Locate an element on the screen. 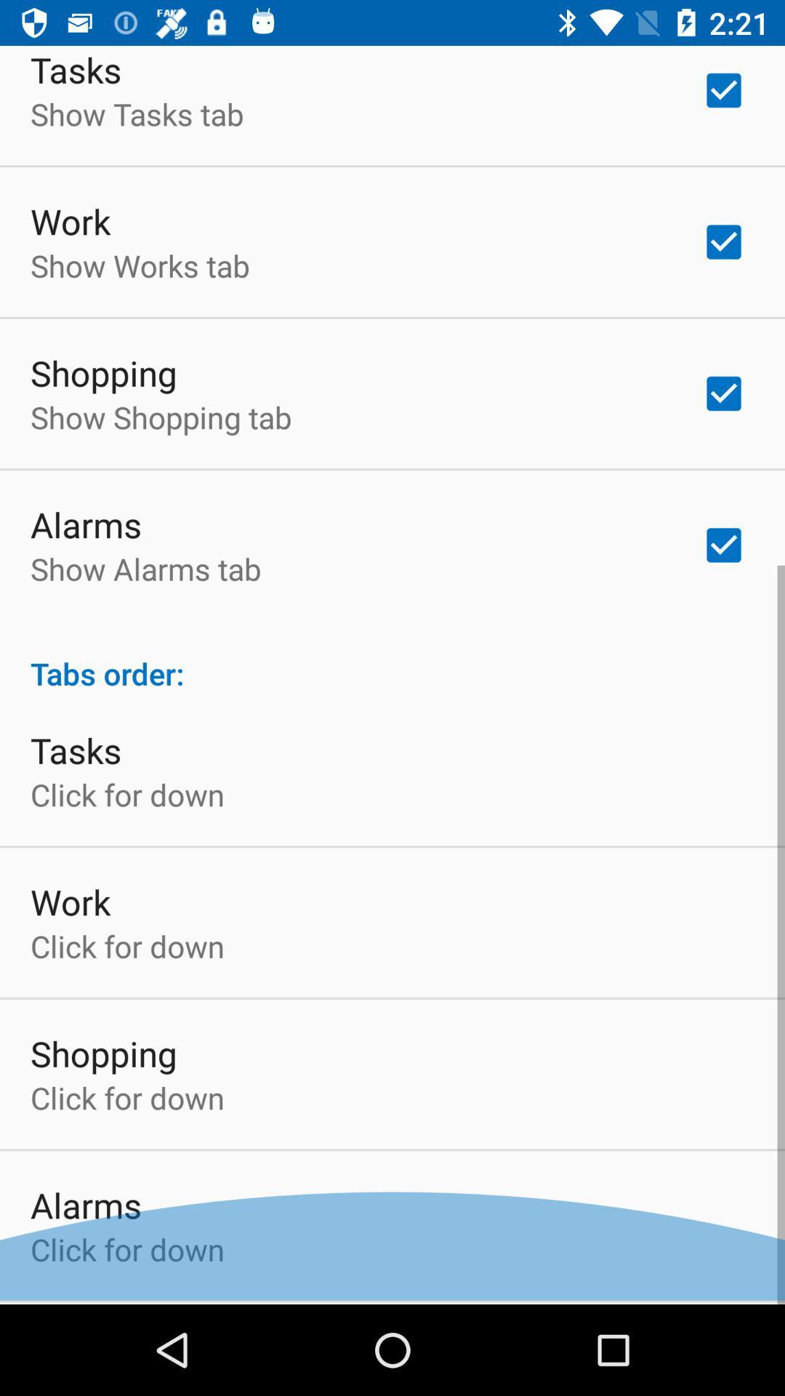 The width and height of the screenshot is (785, 1396). tabs order: at the center is located at coordinates (392, 661).